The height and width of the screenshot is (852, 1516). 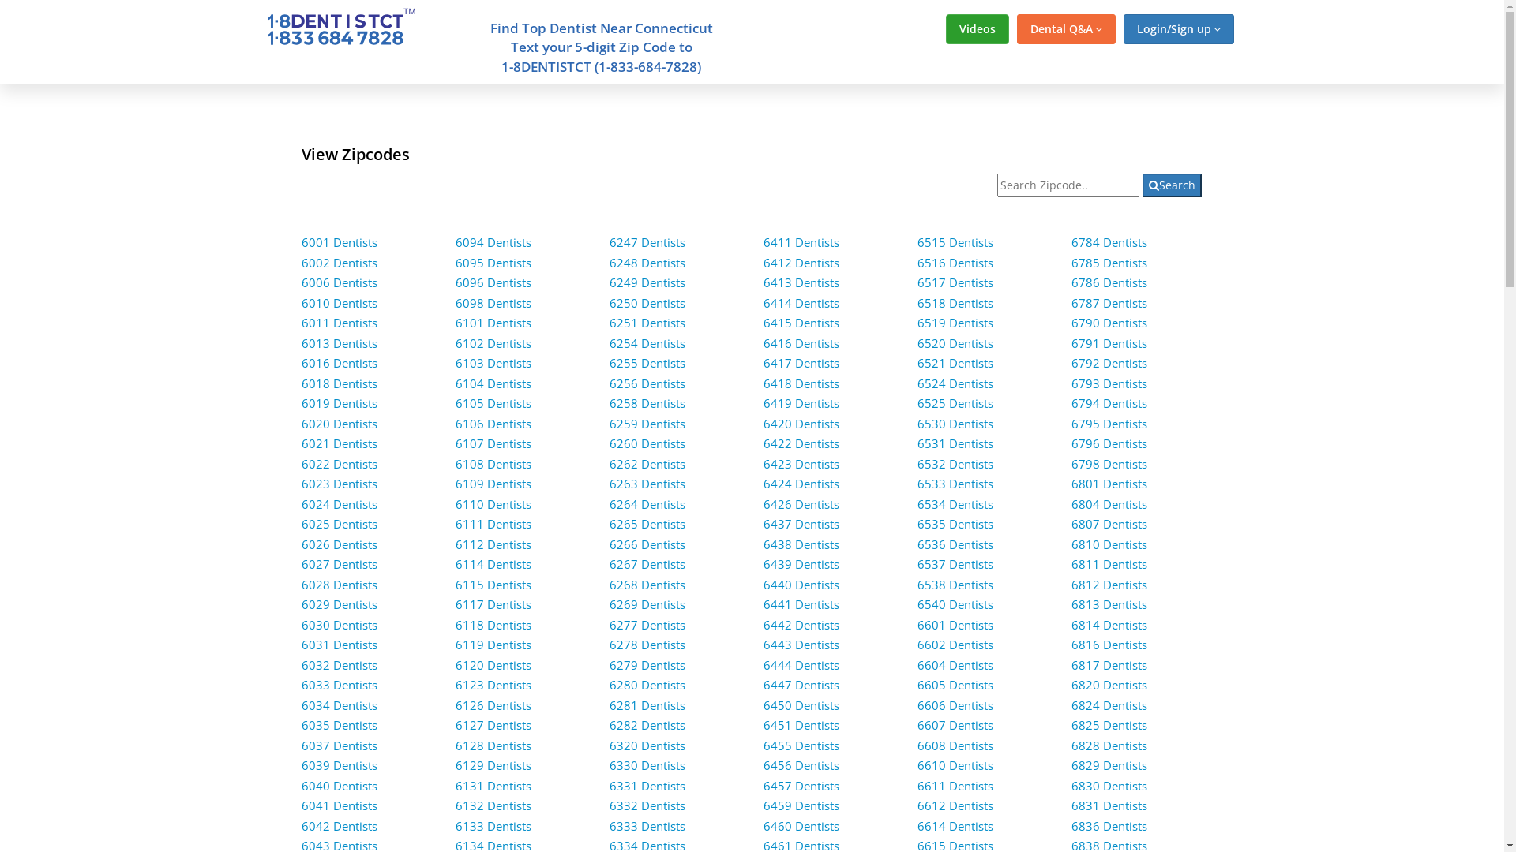 What do you see at coordinates (647, 584) in the screenshot?
I see `'6268 Dentists'` at bounding box center [647, 584].